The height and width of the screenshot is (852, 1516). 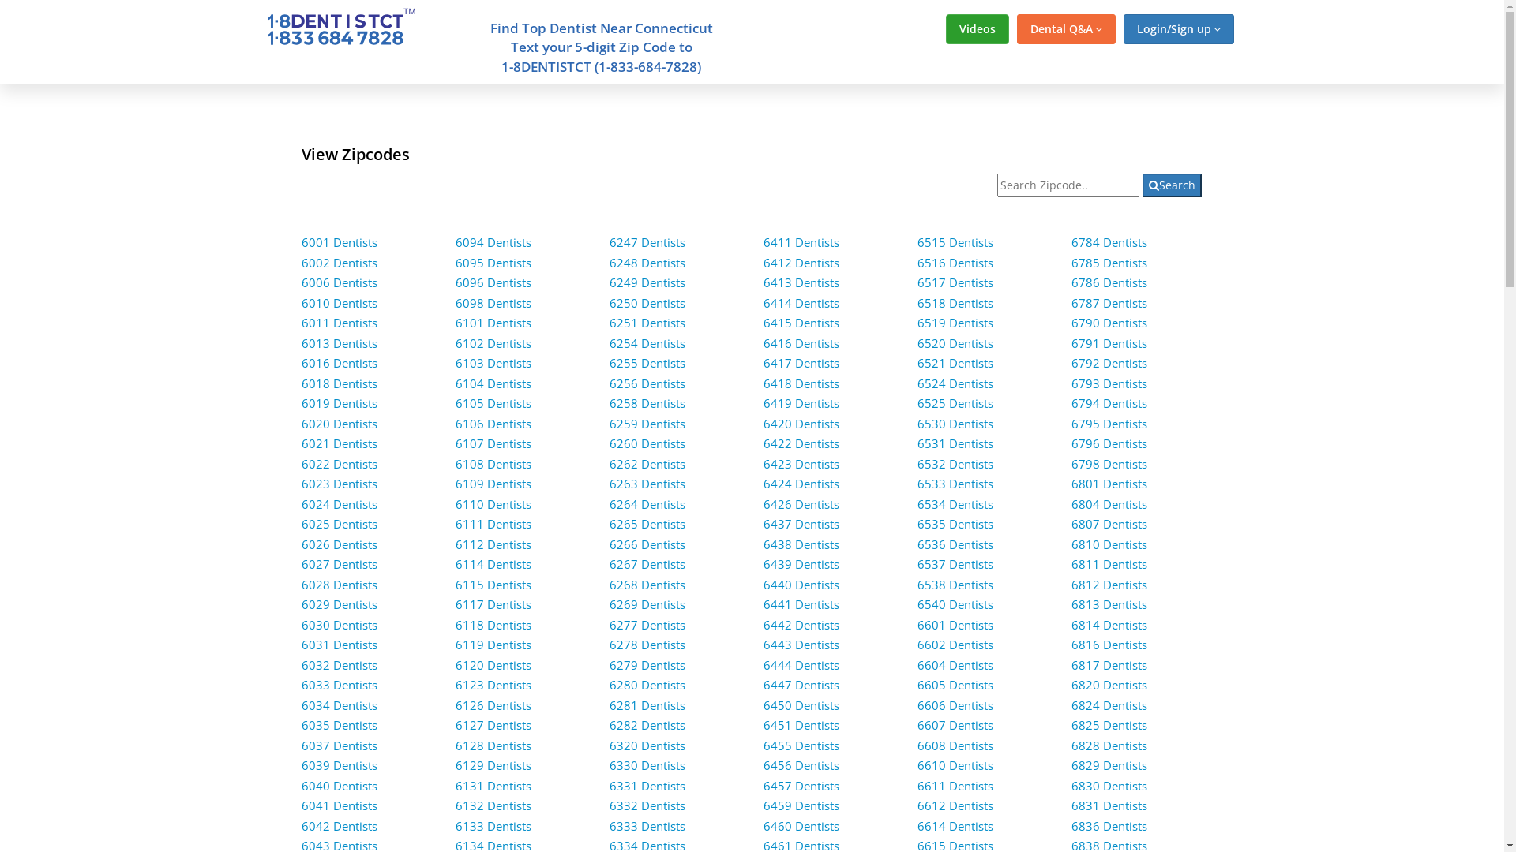 What do you see at coordinates (647, 584) in the screenshot?
I see `'6268 Dentists'` at bounding box center [647, 584].